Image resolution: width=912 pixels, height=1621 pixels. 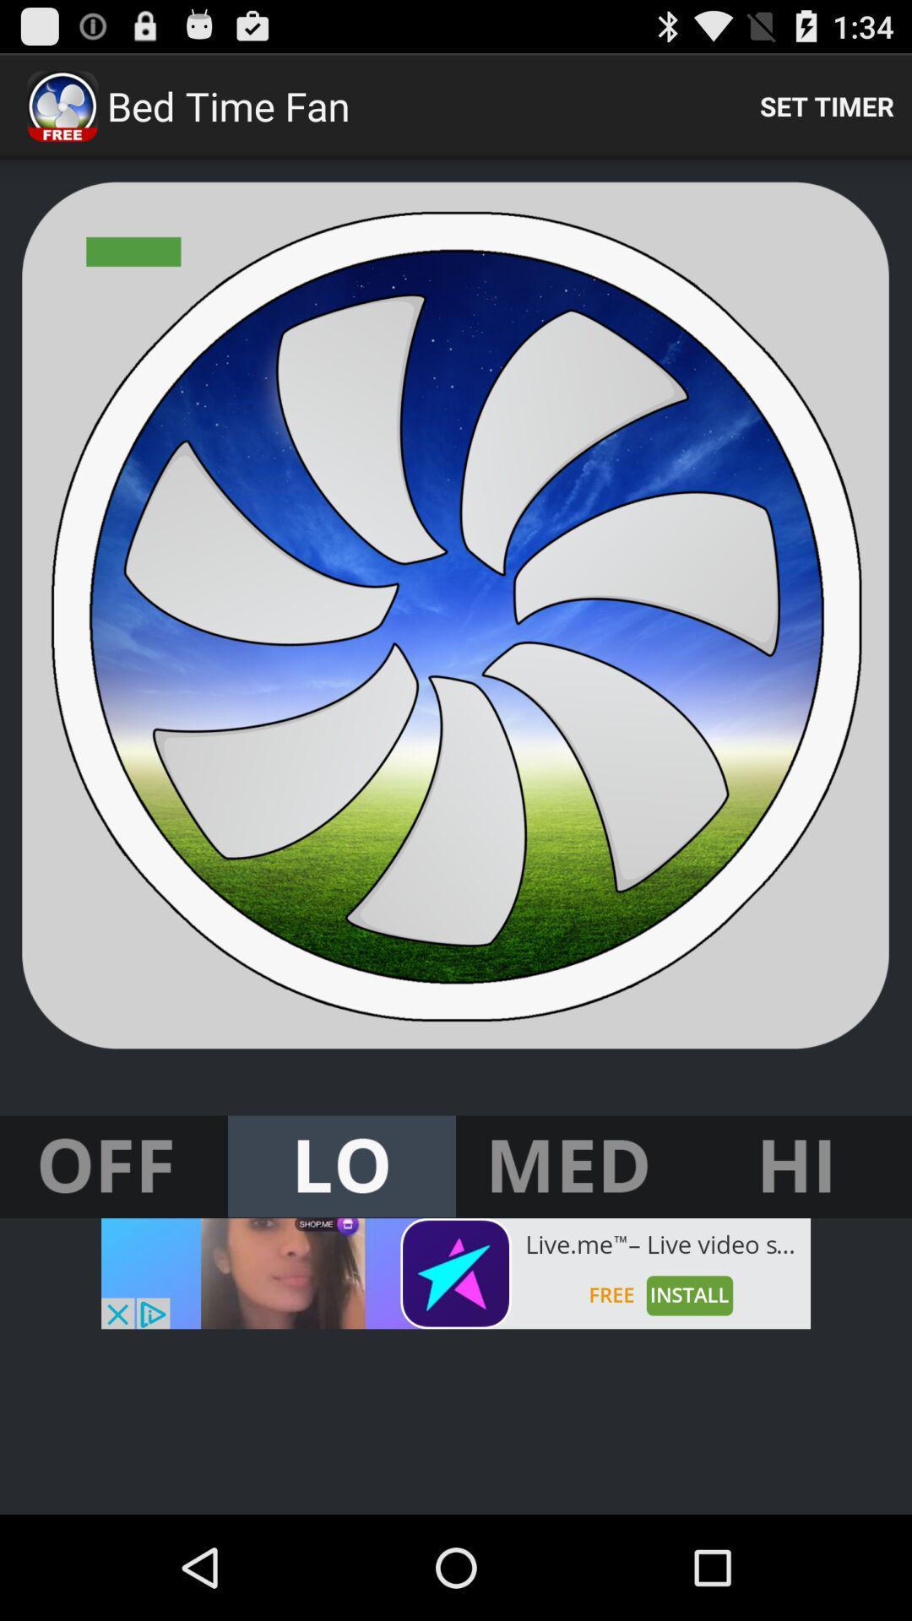 I want to click on sound for bed time fan app, so click(x=342, y=1166).